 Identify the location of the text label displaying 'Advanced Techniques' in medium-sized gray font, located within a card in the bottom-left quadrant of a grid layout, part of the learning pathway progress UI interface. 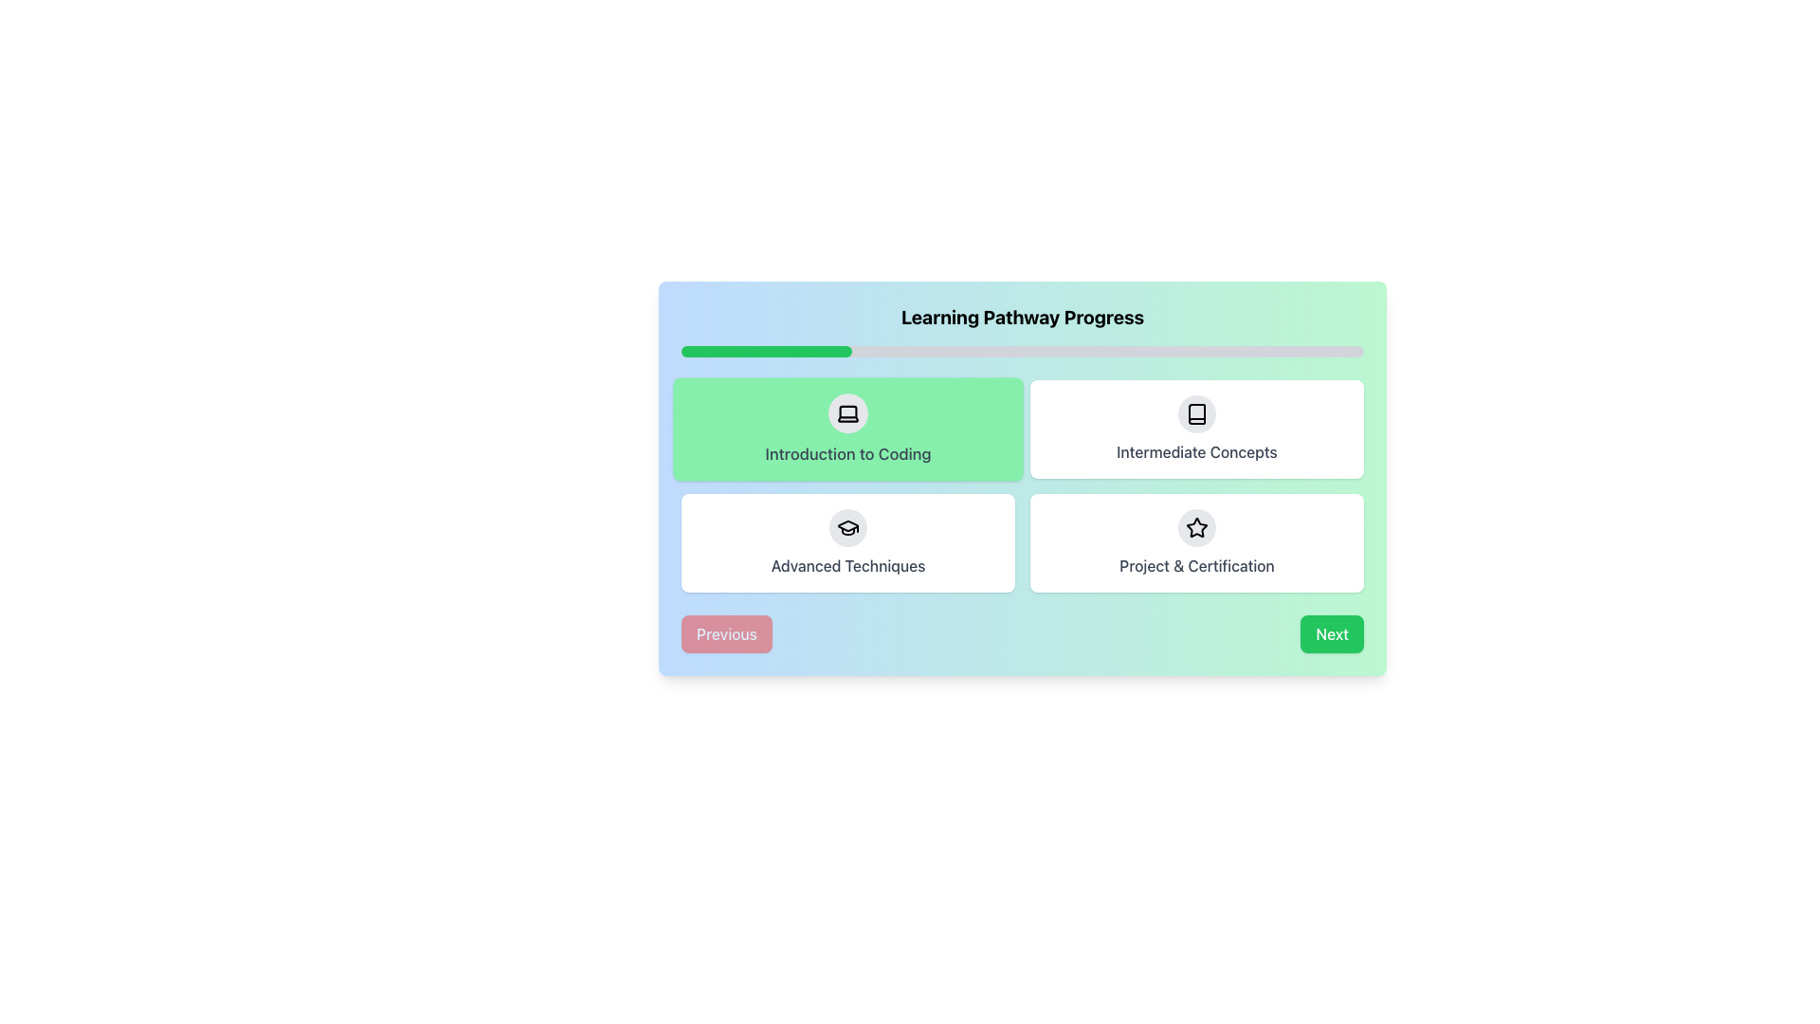
(846, 565).